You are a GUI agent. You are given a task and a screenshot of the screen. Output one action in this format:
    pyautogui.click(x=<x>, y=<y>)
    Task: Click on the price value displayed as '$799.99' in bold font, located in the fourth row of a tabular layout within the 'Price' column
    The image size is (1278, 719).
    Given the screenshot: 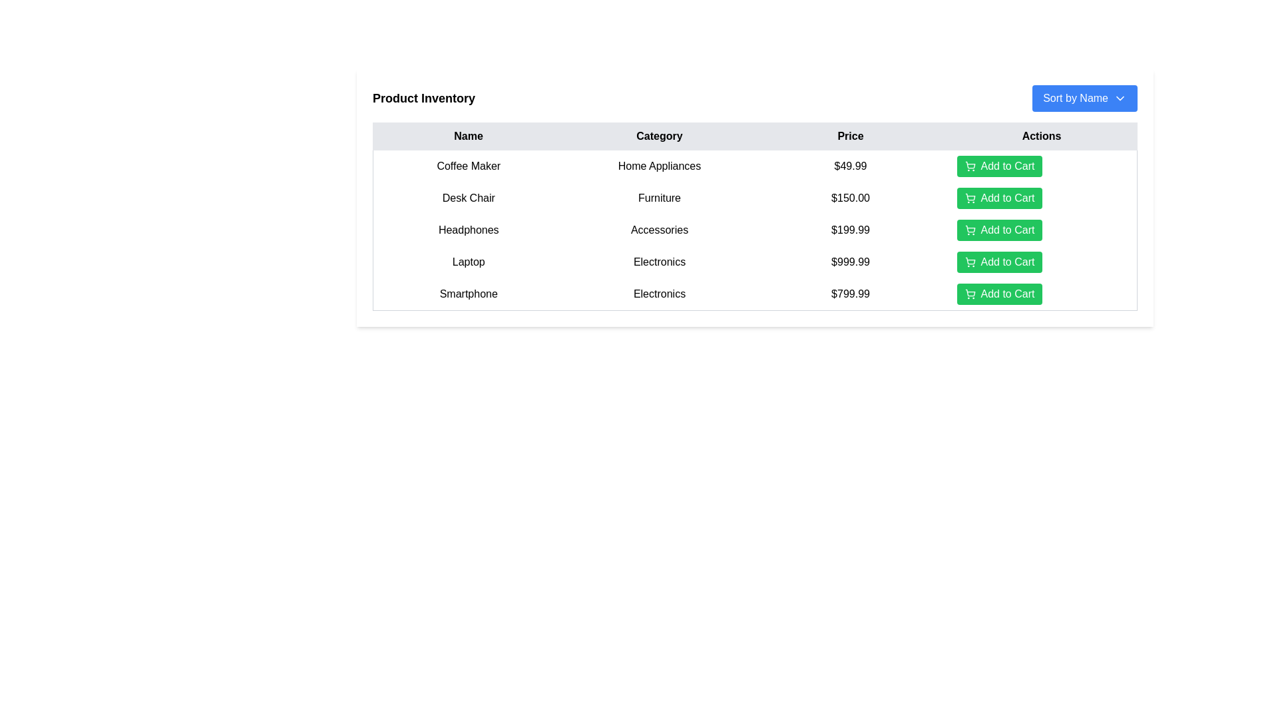 What is the action you would take?
    pyautogui.click(x=849, y=294)
    